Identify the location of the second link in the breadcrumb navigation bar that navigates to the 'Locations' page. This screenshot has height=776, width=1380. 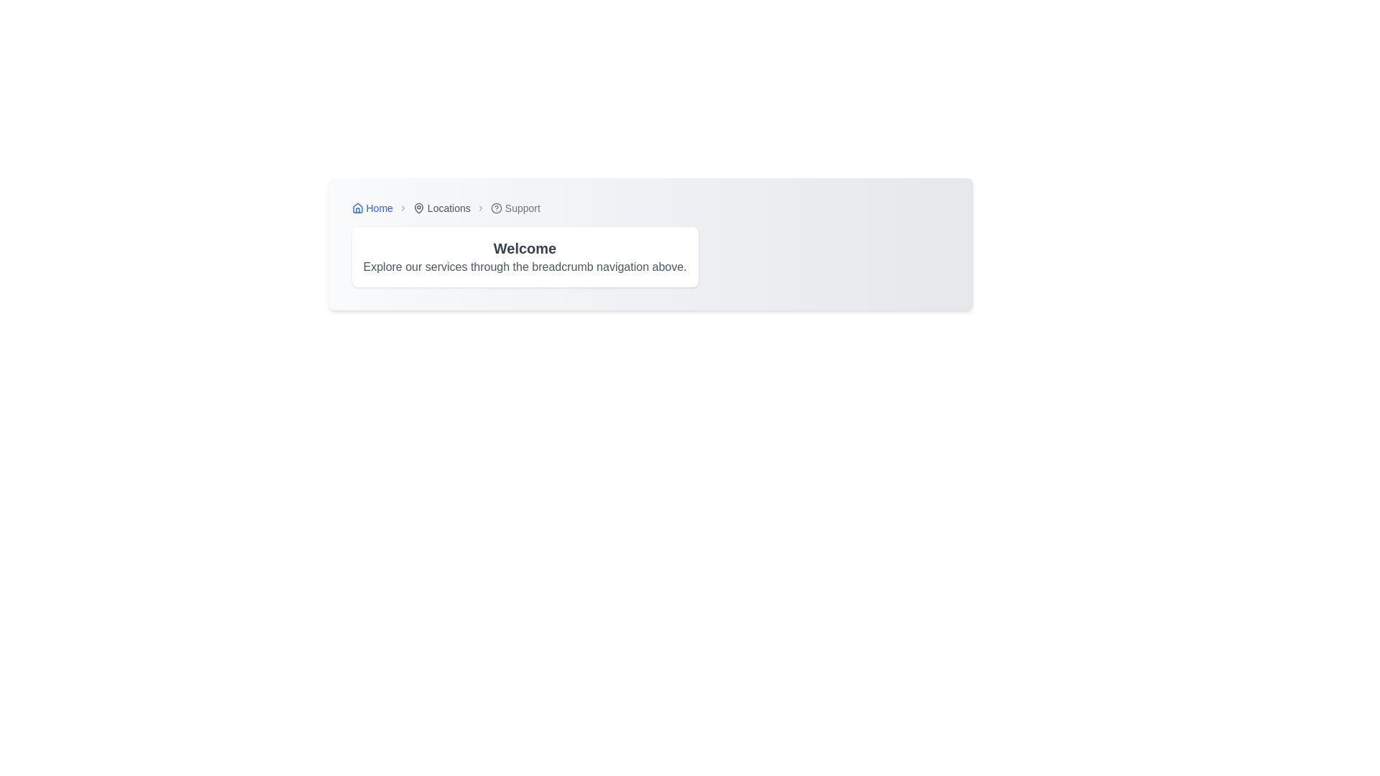
(441, 208).